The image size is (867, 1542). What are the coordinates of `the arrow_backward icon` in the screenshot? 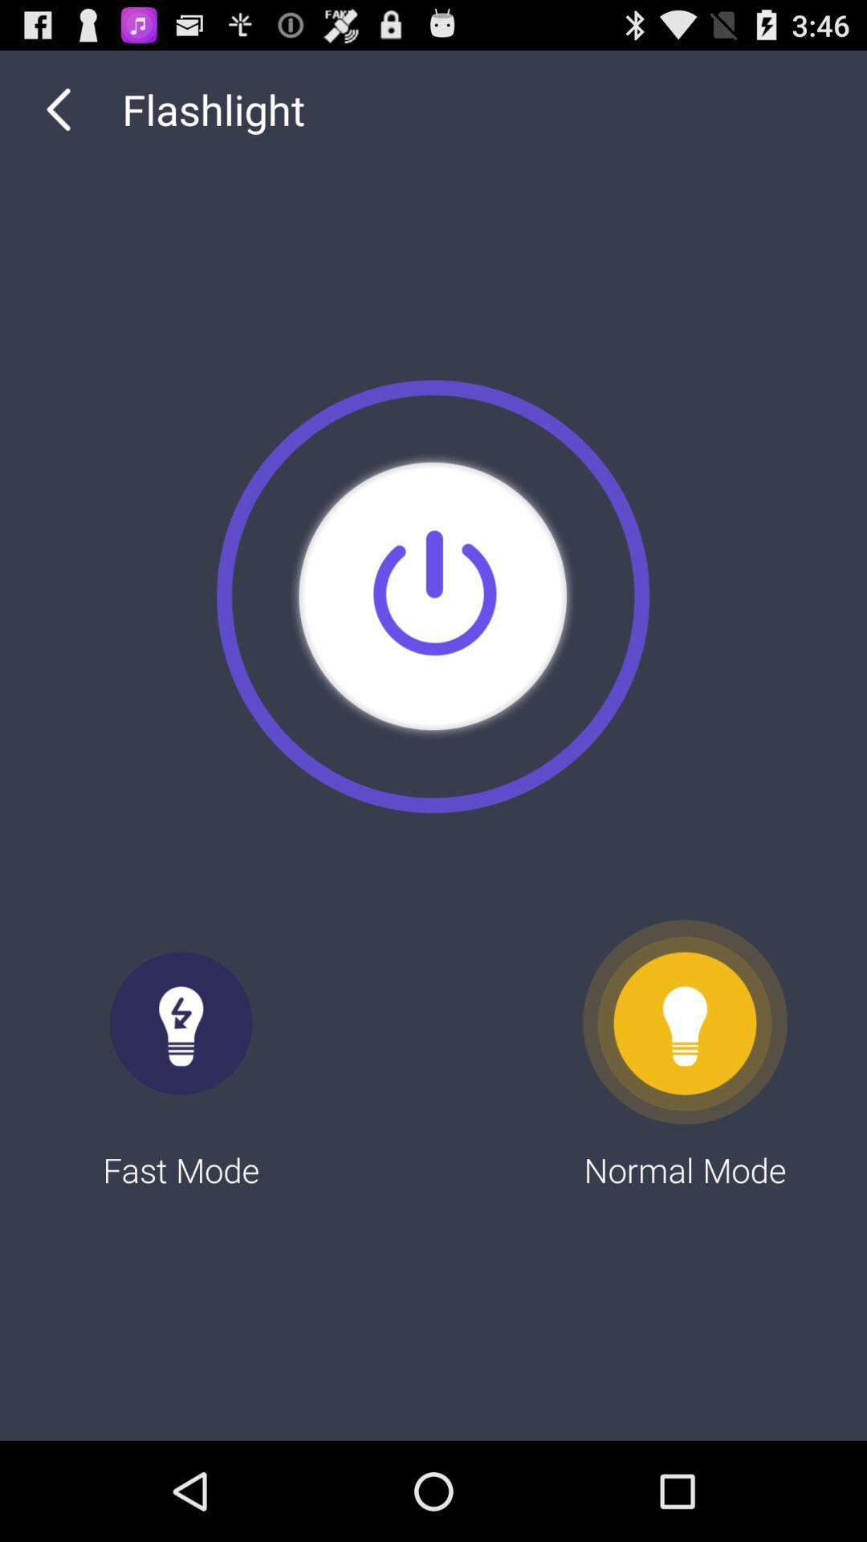 It's located at (58, 116).